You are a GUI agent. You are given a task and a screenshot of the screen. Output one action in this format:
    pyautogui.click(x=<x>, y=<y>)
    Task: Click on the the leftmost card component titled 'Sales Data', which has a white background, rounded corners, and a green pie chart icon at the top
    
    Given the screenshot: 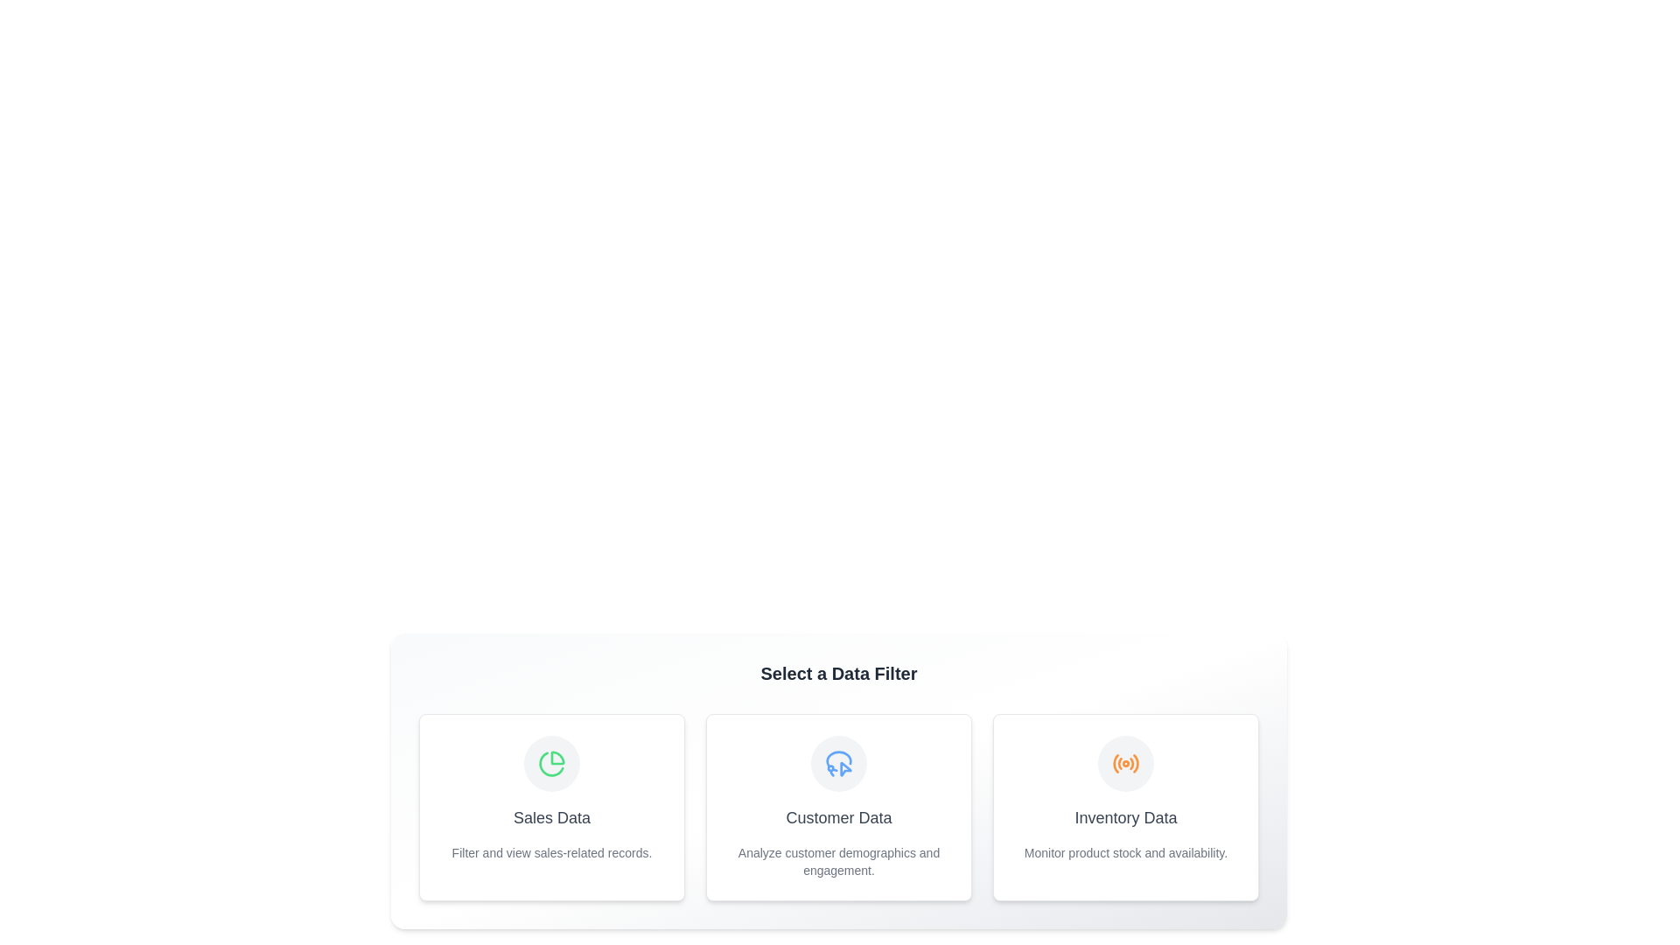 What is the action you would take?
    pyautogui.click(x=550, y=807)
    